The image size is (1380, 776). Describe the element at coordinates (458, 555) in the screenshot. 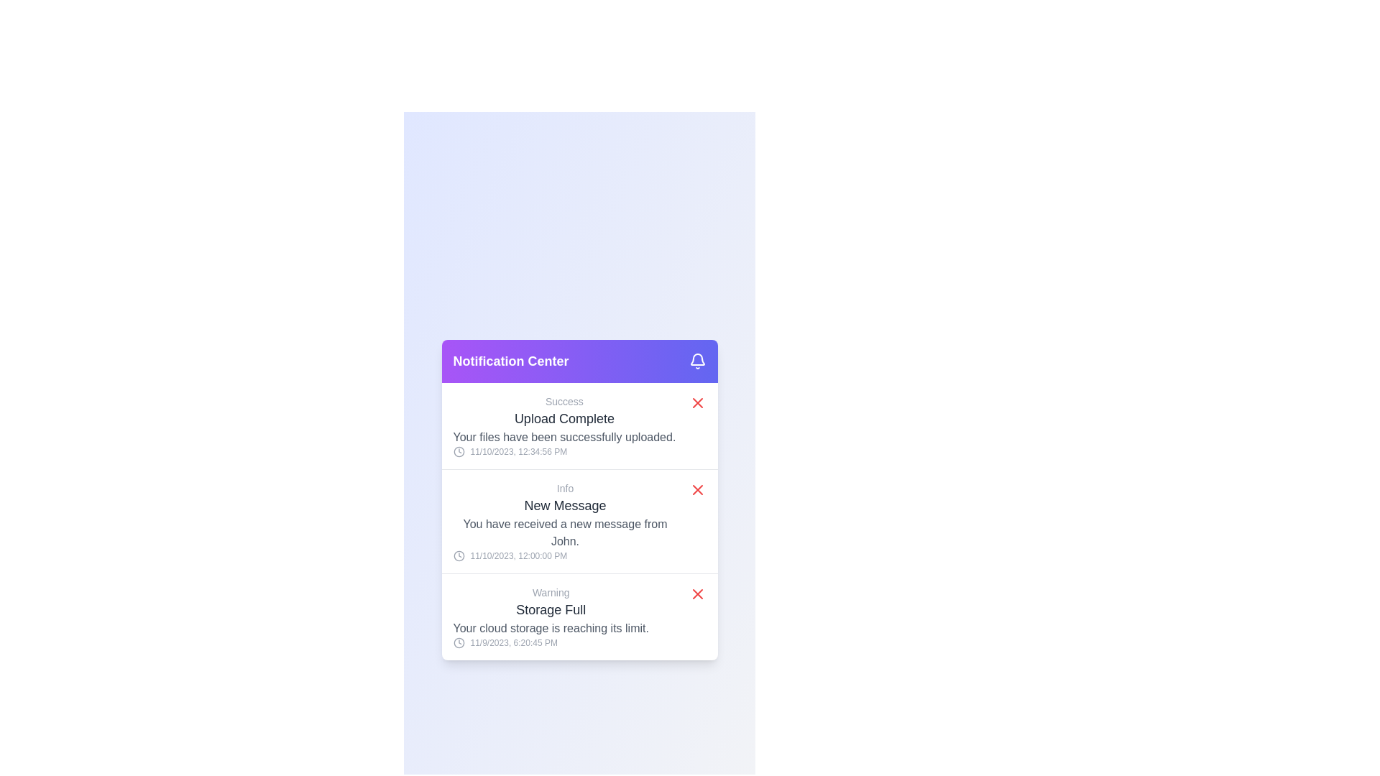

I see `the SVG circle element representing the clock face in the second notification card, located to the left of the timestamp '11/10/2023, 12:00:00 PM'` at that location.